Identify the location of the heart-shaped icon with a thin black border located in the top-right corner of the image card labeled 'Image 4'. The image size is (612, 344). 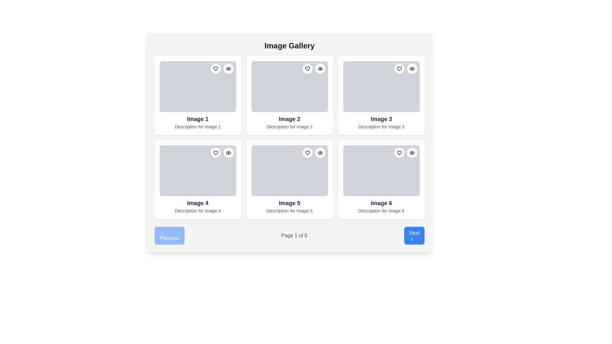
(215, 153).